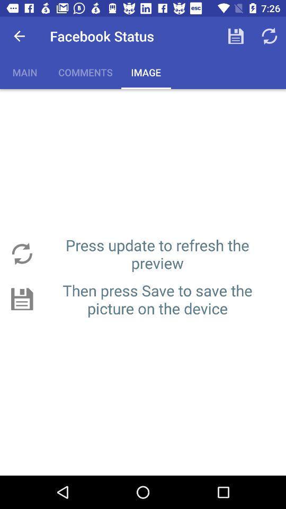 This screenshot has width=286, height=509. Describe the element at coordinates (19, 36) in the screenshot. I see `app to the left of facebook status` at that location.